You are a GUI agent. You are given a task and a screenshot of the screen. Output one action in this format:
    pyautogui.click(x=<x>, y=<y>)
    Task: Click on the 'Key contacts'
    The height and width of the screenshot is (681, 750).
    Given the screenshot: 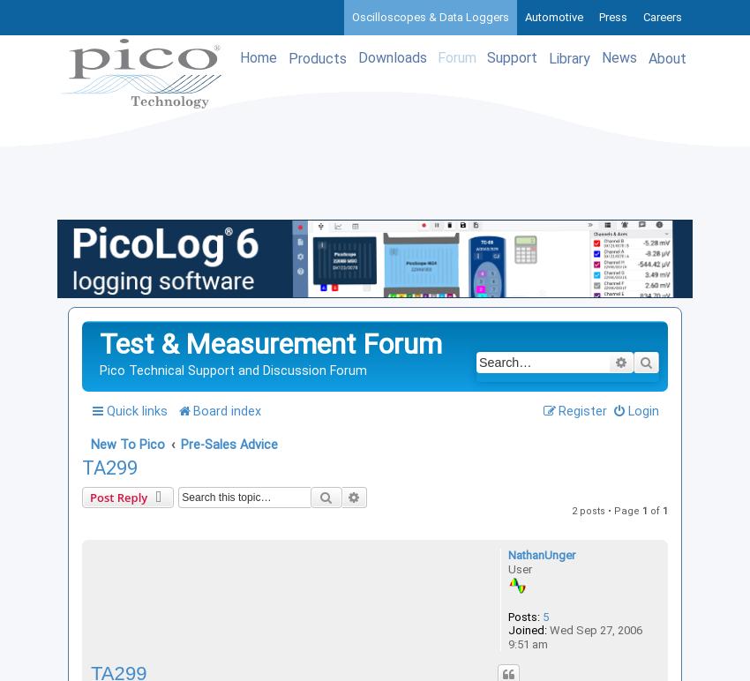 What is the action you would take?
    pyautogui.click(x=559, y=506)
    